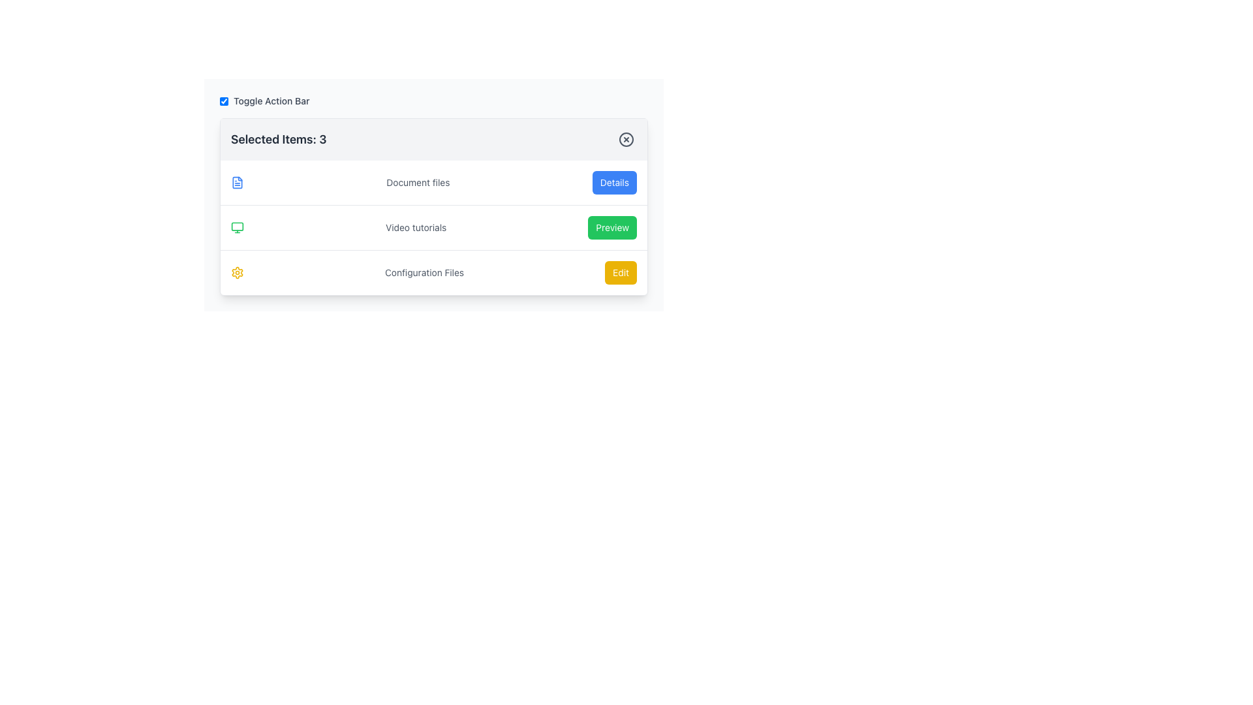 This screenshot has width=1253, height=705. What do you see at coordinates (611, 227) in the screenshot?
I see `the green button labeled 'Preview' in the 'Video tutorials' section to change its background color` at bounding box center [611, 227].